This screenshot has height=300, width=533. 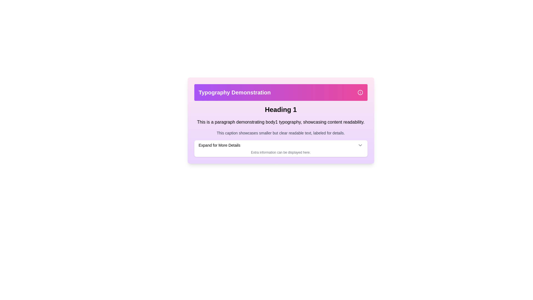 I want to click on the downward-facing chevron icon on the right side of the Informational collapsible panel labeled 'Expand for More Details', so click(x=281, y=148).